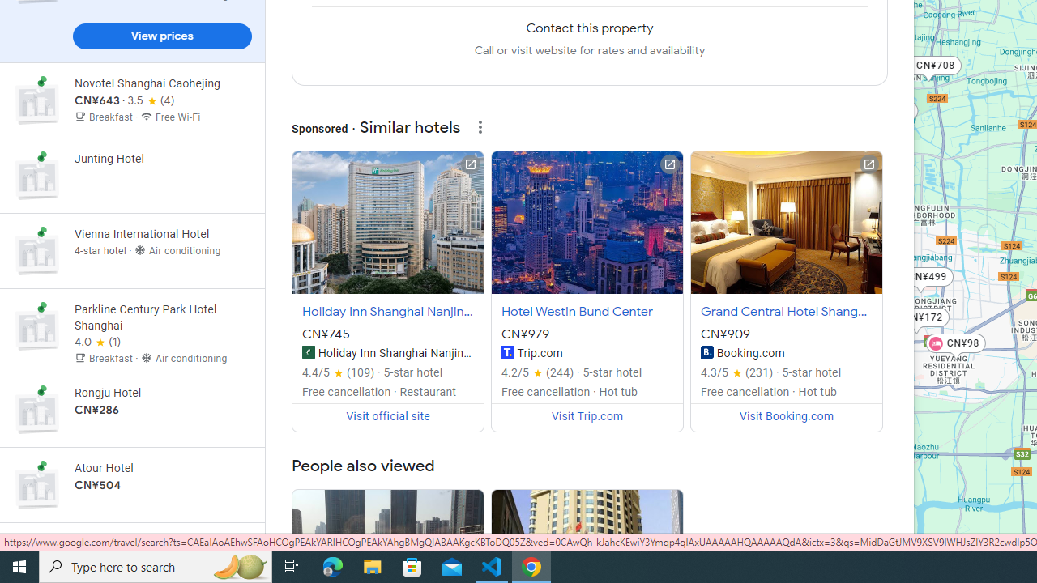 This screenshot has width=1037, height=583. Describe the element at coordinates (736, 372) in the screenshot. I see `'4.3 out of 5 stars from 231 reviews'` at that location.